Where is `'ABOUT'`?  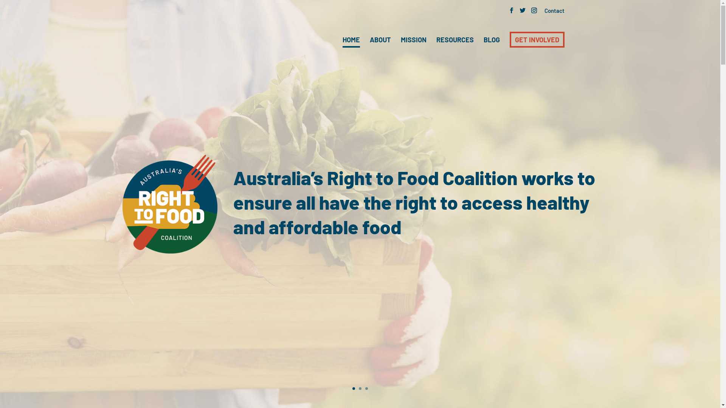
'ABOUT' is located at coordinates (380, 40).